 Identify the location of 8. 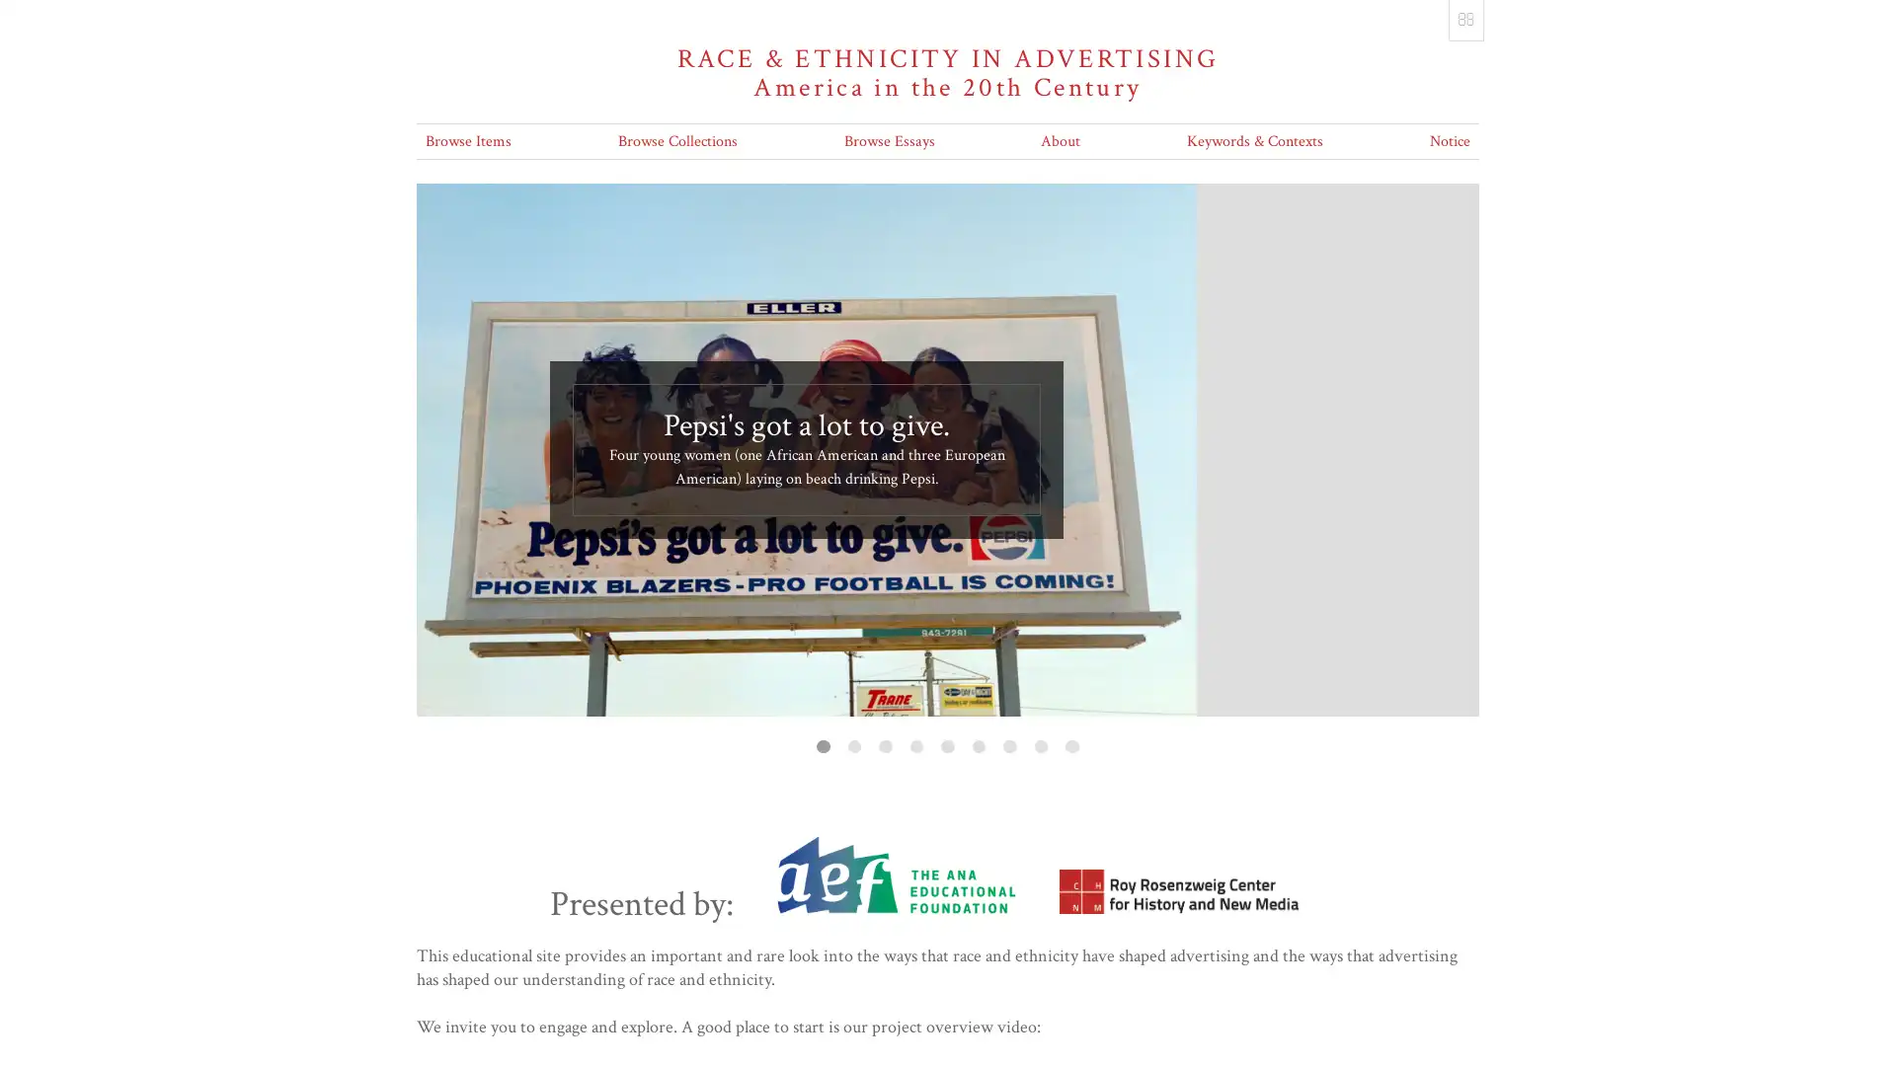
(1040, 746).